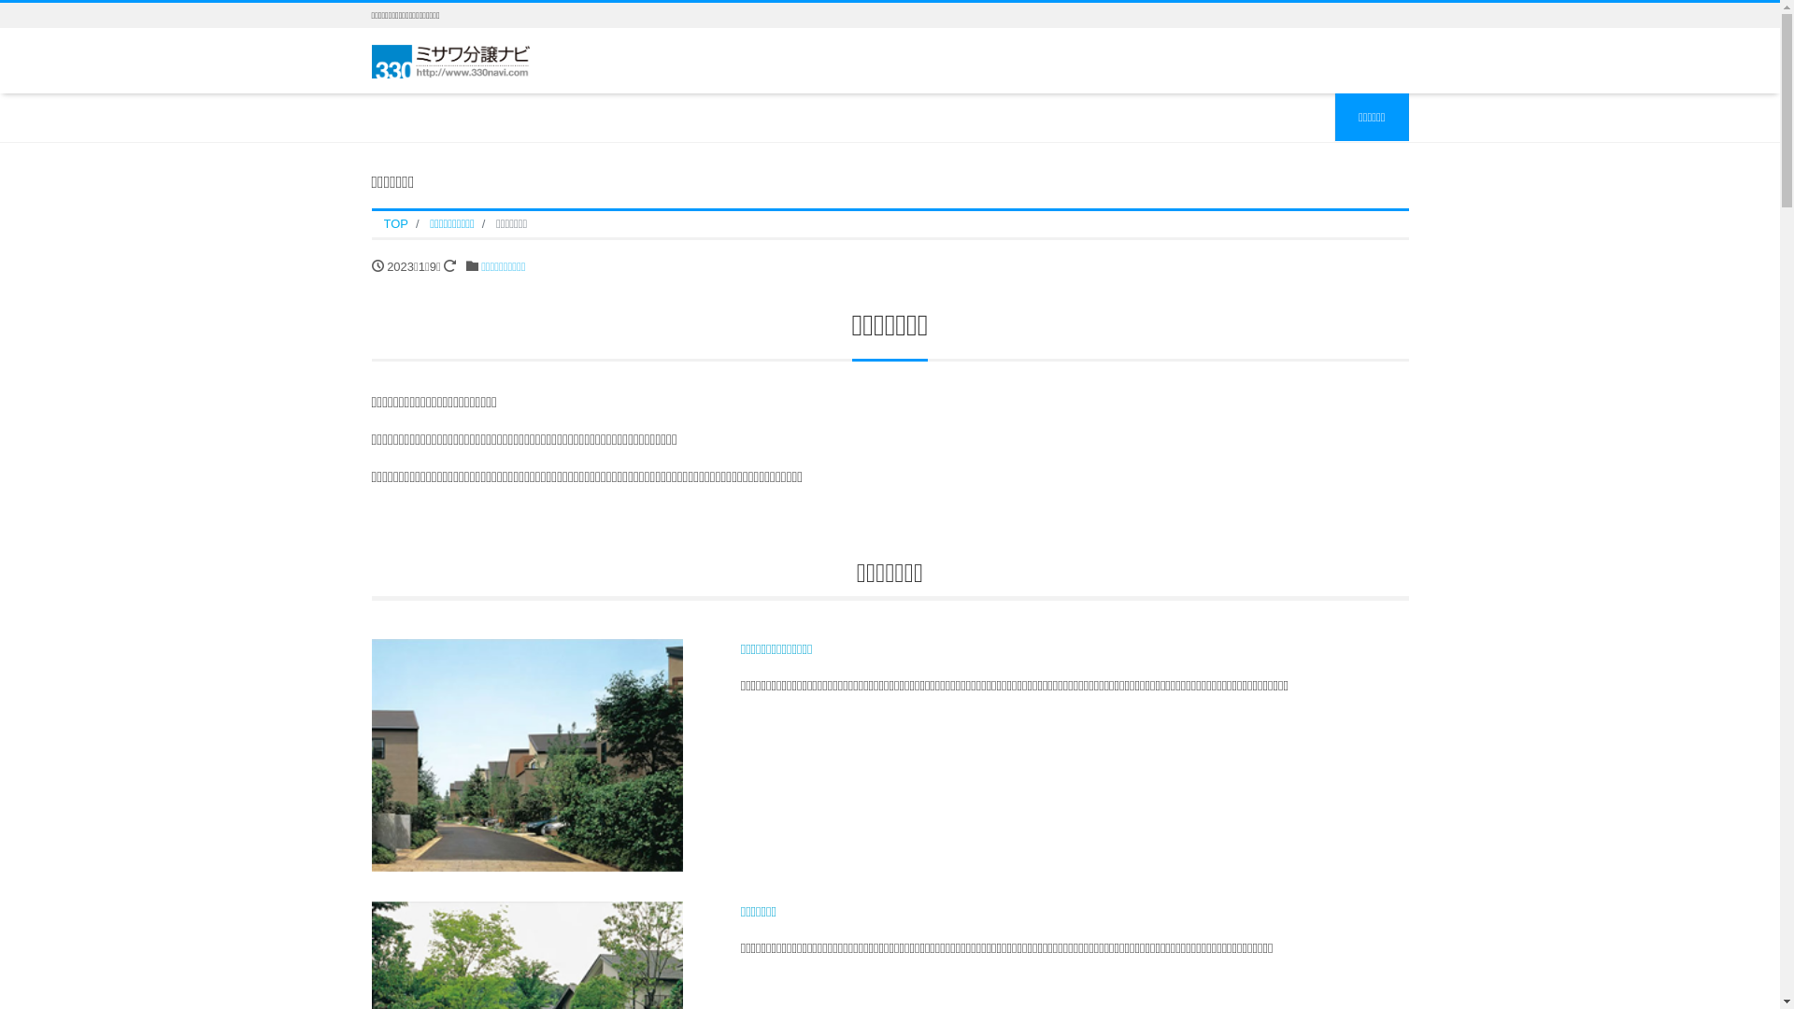 The image size is (1794, 1009). What do you see at coordinates (377, 265) in the screenshot?
I see `' 2023/01/09 11:17'` at bounding box center [377, 265].